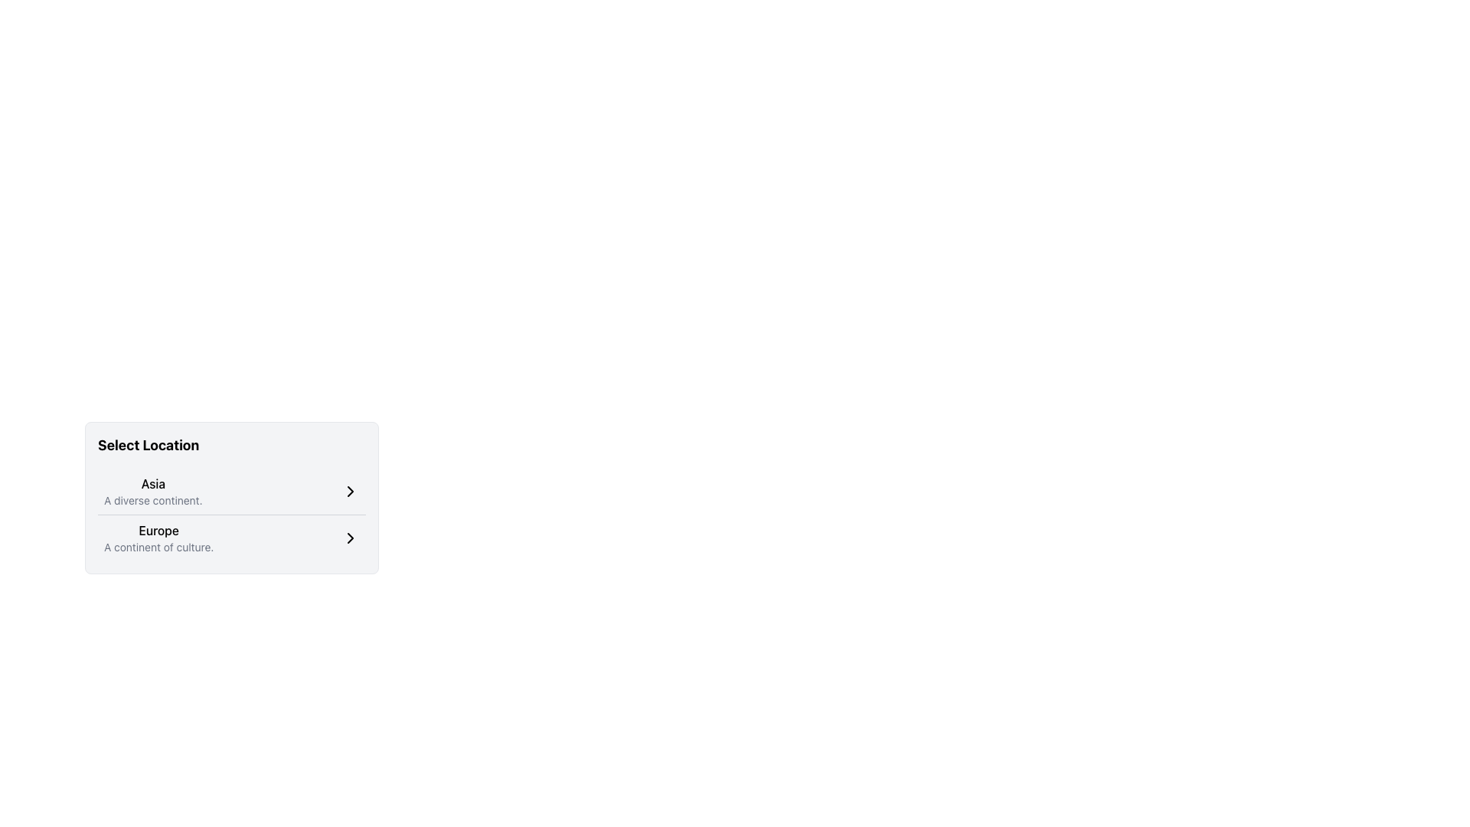 The height and width of the screenshot is (827, 1470). What do you see at coordinates (158, 530) in the screenshot?
I see `the text label displaying 'Europe'` at bounding box center [158, 530].